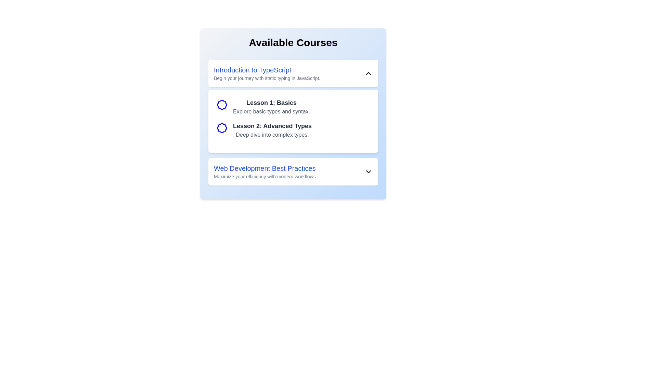  I want to click on the Text Label displaying 'Lesson 2: Advanced Types' located under the 'Available Courses' header and above the description 'Deep dive into complex types', so click(272, 126).